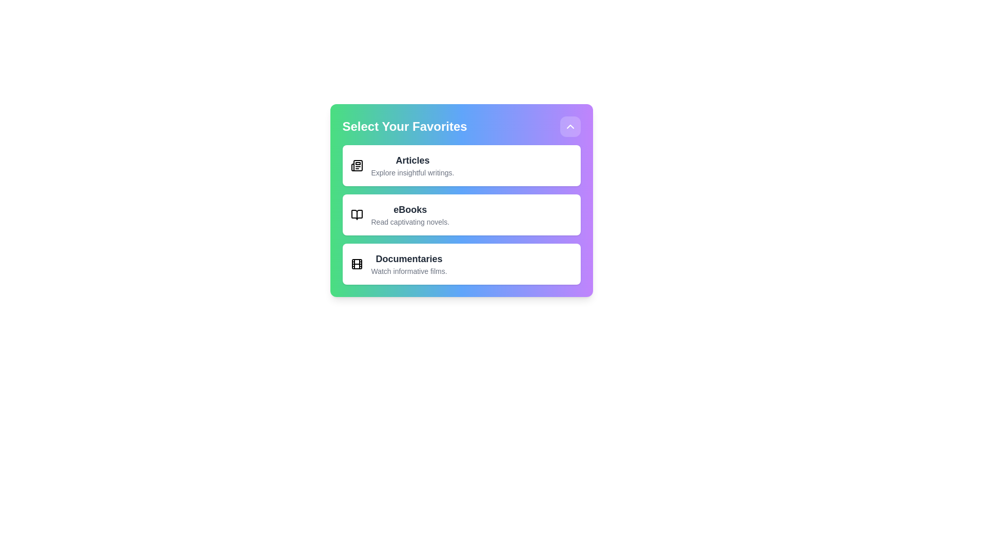 This screenshot has width=985, height=554. What do you see at coordinates (569, 126) in the screenshot?
I see `arrow button to toggle the visibility of the panel` at bounding box center [569, 126].